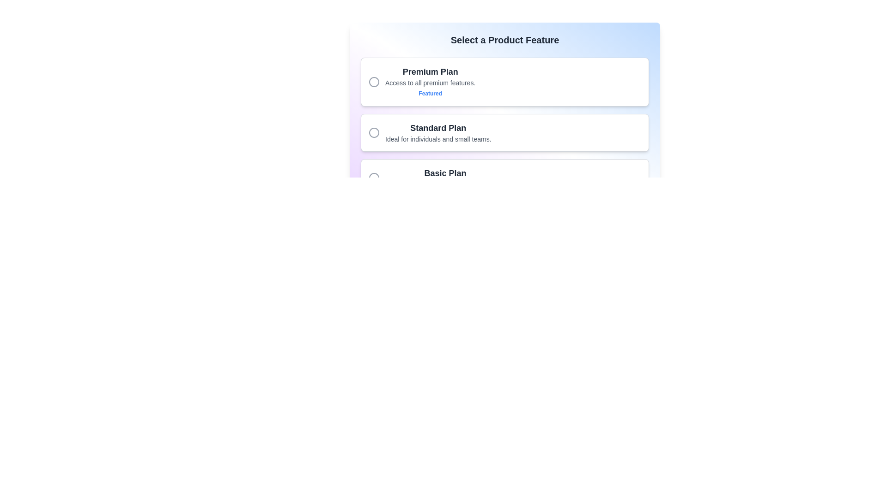 Image resolution: width=887 pixels, height=498 pixels. Describe the element at coordinates (437, 133) in the screenshot. I see `the 'Standard Plan' text content block which includes 'Standard Plan' and its description` at that location.